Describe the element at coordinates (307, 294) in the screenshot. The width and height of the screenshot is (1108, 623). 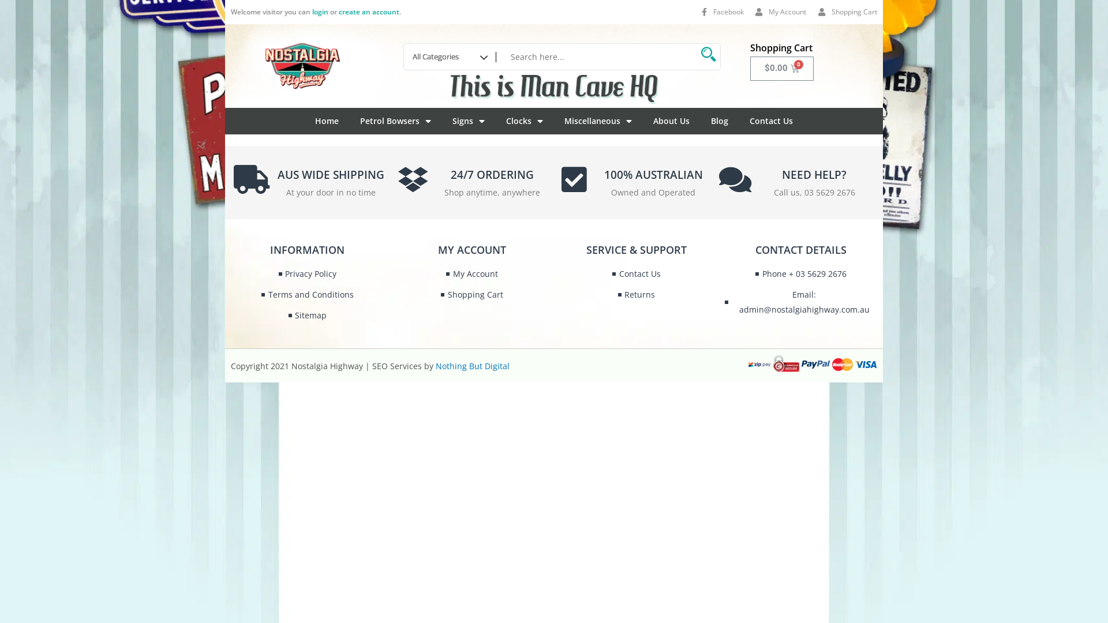
I see `'Terms and Conditions'` at that location.